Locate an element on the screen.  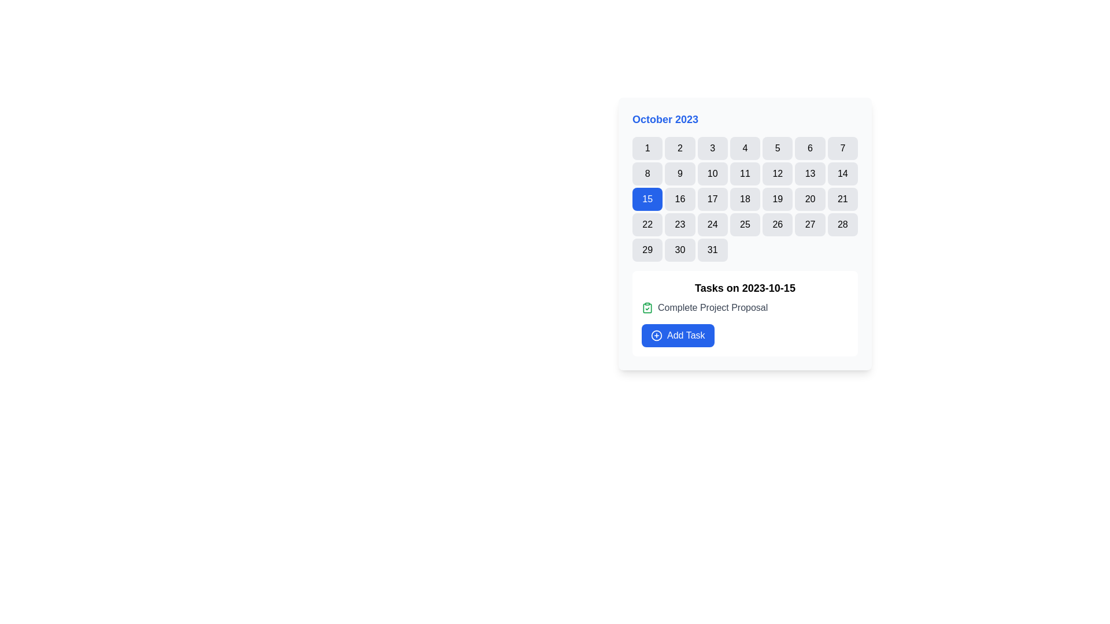
the blue 'Add Task' button located at the bottom of the task listing interface is located at coordinates (678, 336).